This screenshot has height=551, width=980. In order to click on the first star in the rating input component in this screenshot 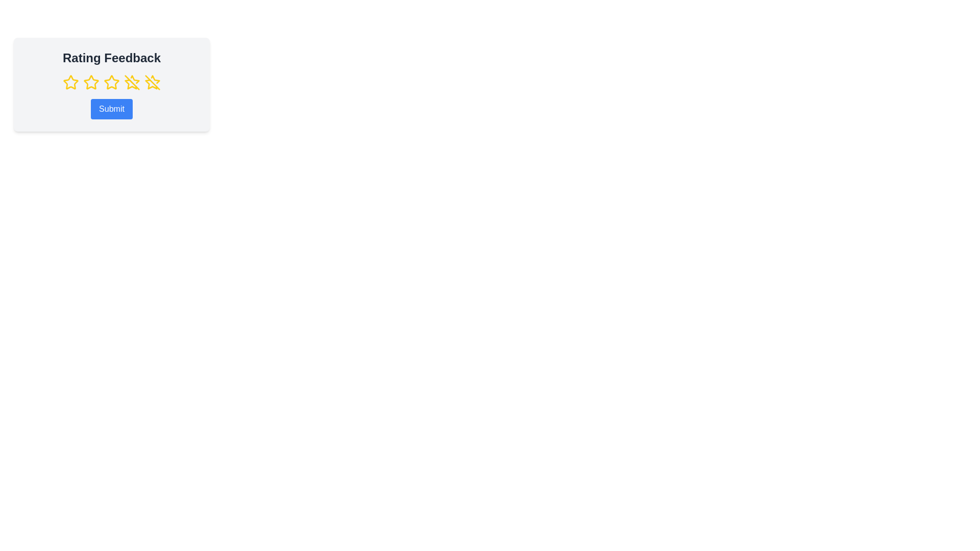, I will do `click(70, 82)`.